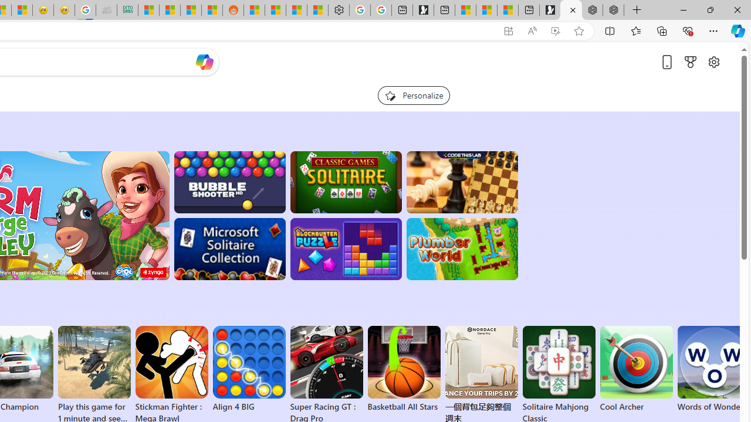 Image resolution: width=751 pixels, height=422 pixels. I want to click on 'Master Chess', so click(461, 182).